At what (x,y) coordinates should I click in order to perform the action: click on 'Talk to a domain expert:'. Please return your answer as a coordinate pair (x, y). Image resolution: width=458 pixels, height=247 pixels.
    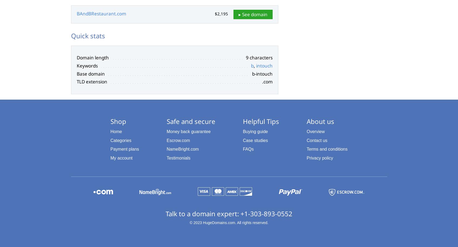
    Looking at the image, I should click on (203, 213).